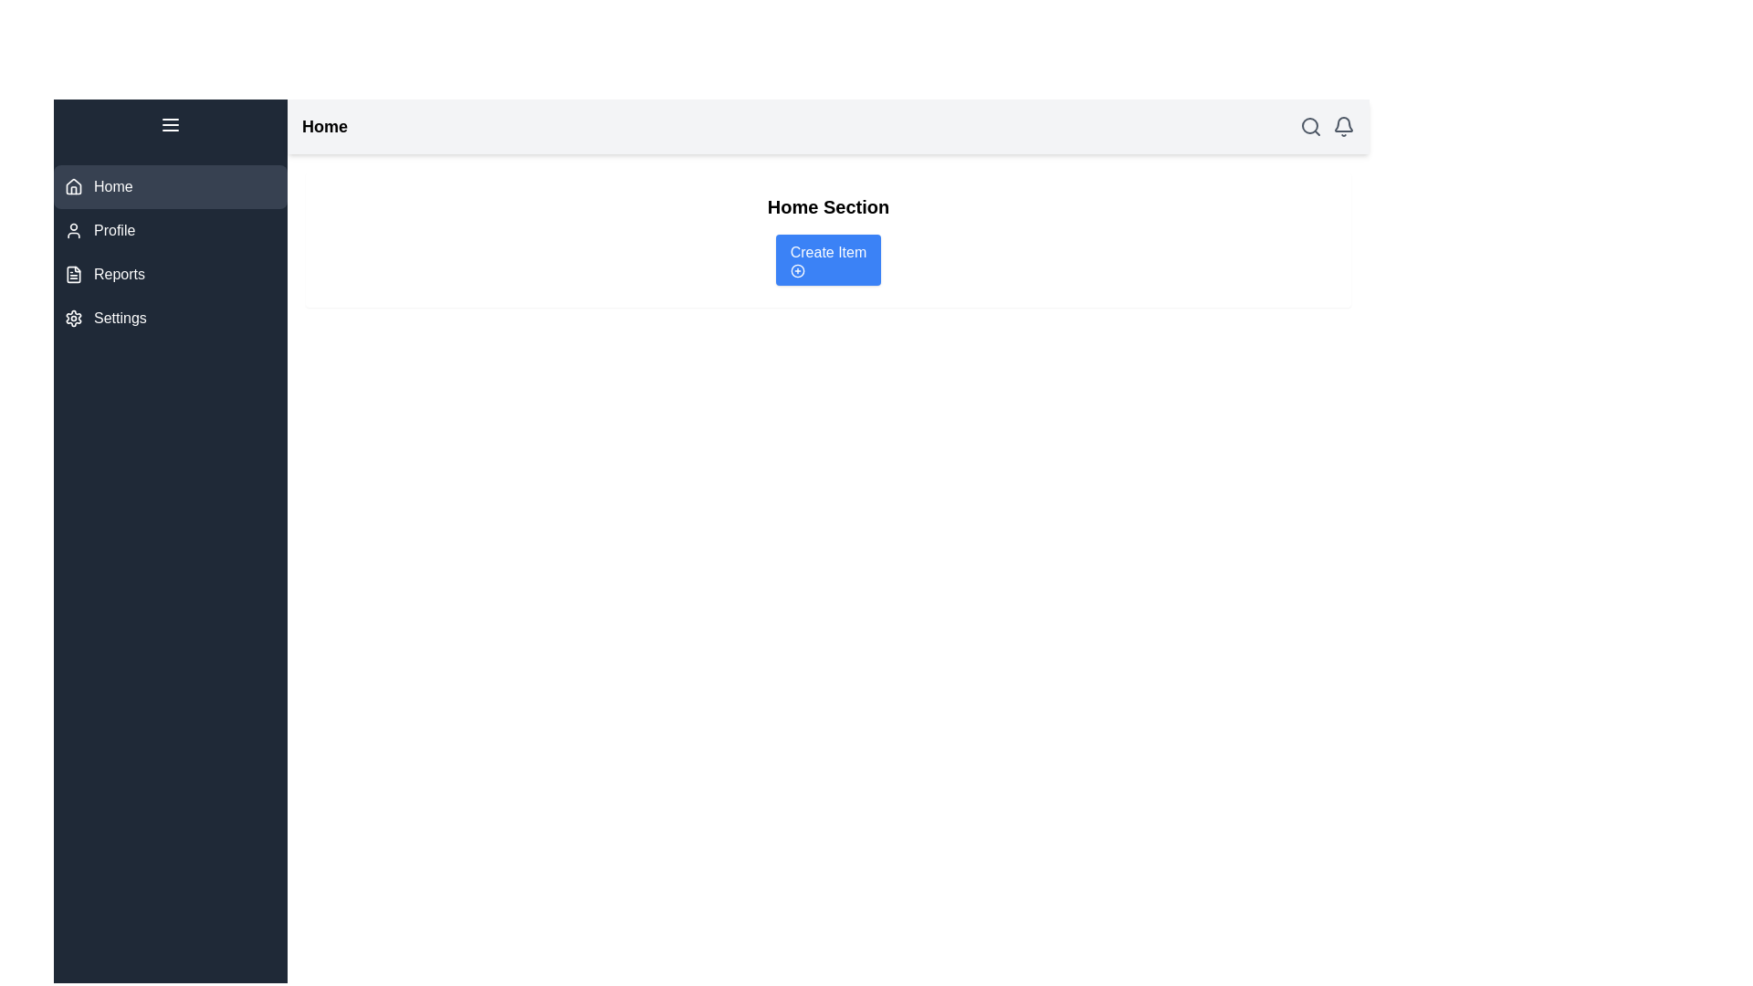 This screenshot has width=1753, height=986. Describe the element at coordinates (827, 260) in the screenshot. I see `the 'Create Item' button, which is a rectangular button with a blue background and white text, located under the title 'Home Section.'` at that location.